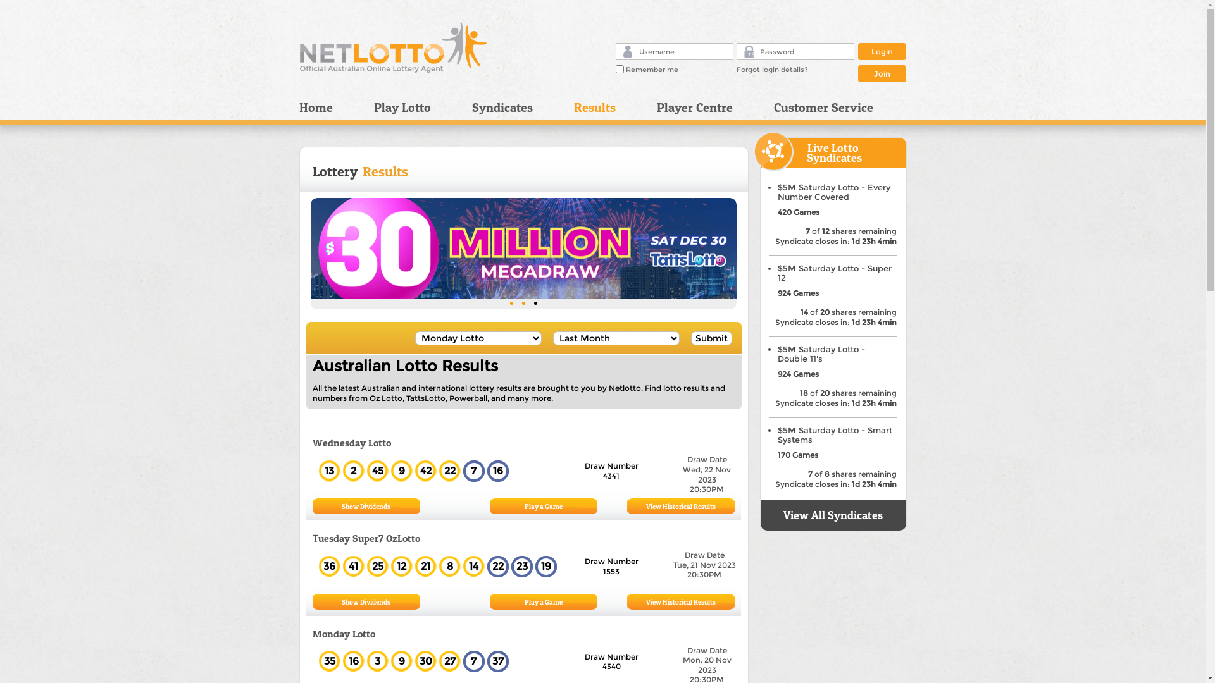  What do you see at coordinates (413, 106) in the screenshot?
I see `'Play Lotto'` at bounding box center [413, 106].